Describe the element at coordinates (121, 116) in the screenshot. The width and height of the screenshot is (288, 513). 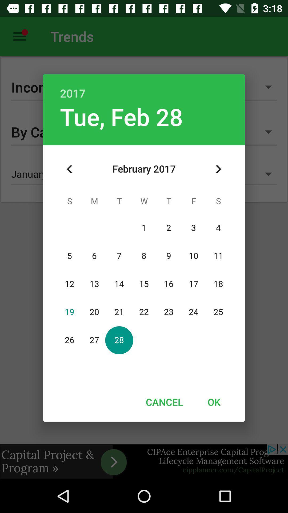
I see `tue, feb 28` at that location.